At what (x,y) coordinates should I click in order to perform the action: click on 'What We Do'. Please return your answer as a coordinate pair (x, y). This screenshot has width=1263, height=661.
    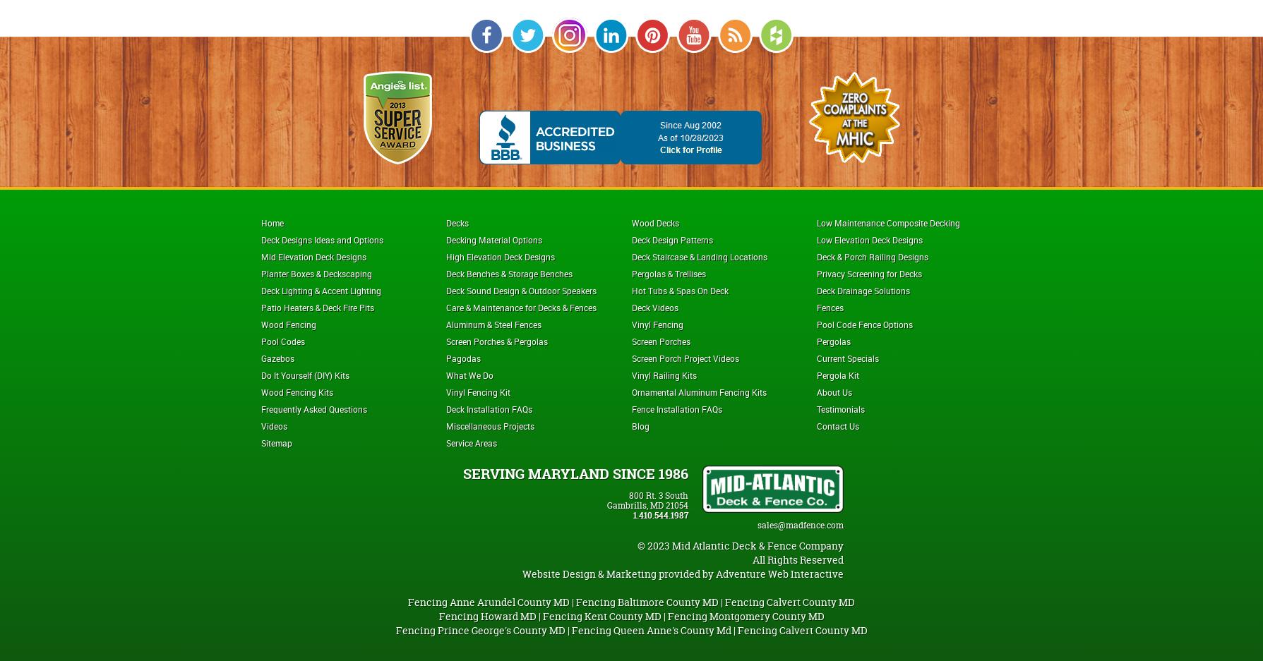
    Looking at the image, I should click on (469, 373).